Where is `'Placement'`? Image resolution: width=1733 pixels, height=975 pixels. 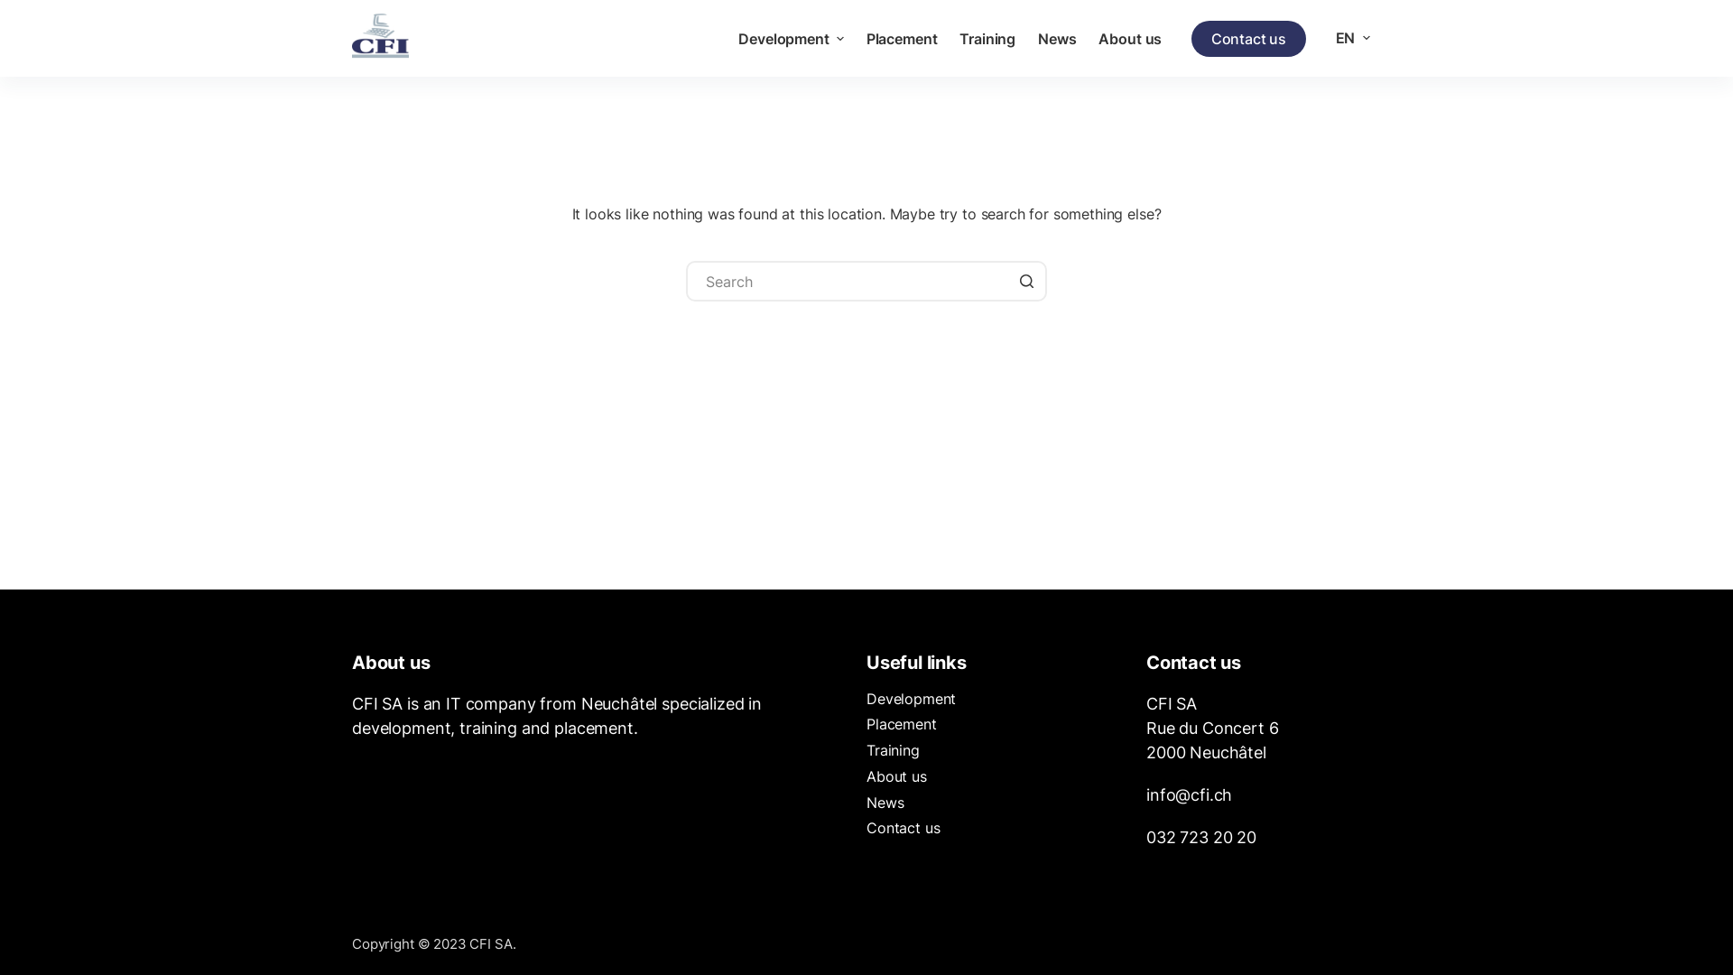
'Placement' is located at coordinates (901, 723).